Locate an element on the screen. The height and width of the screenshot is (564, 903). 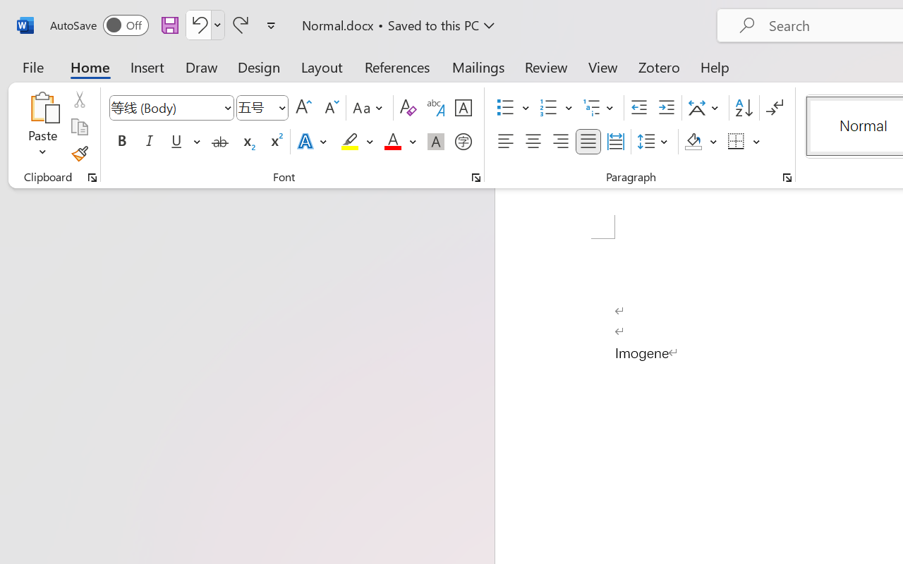
'Paragraph...' is located at coordinates (786, 177).